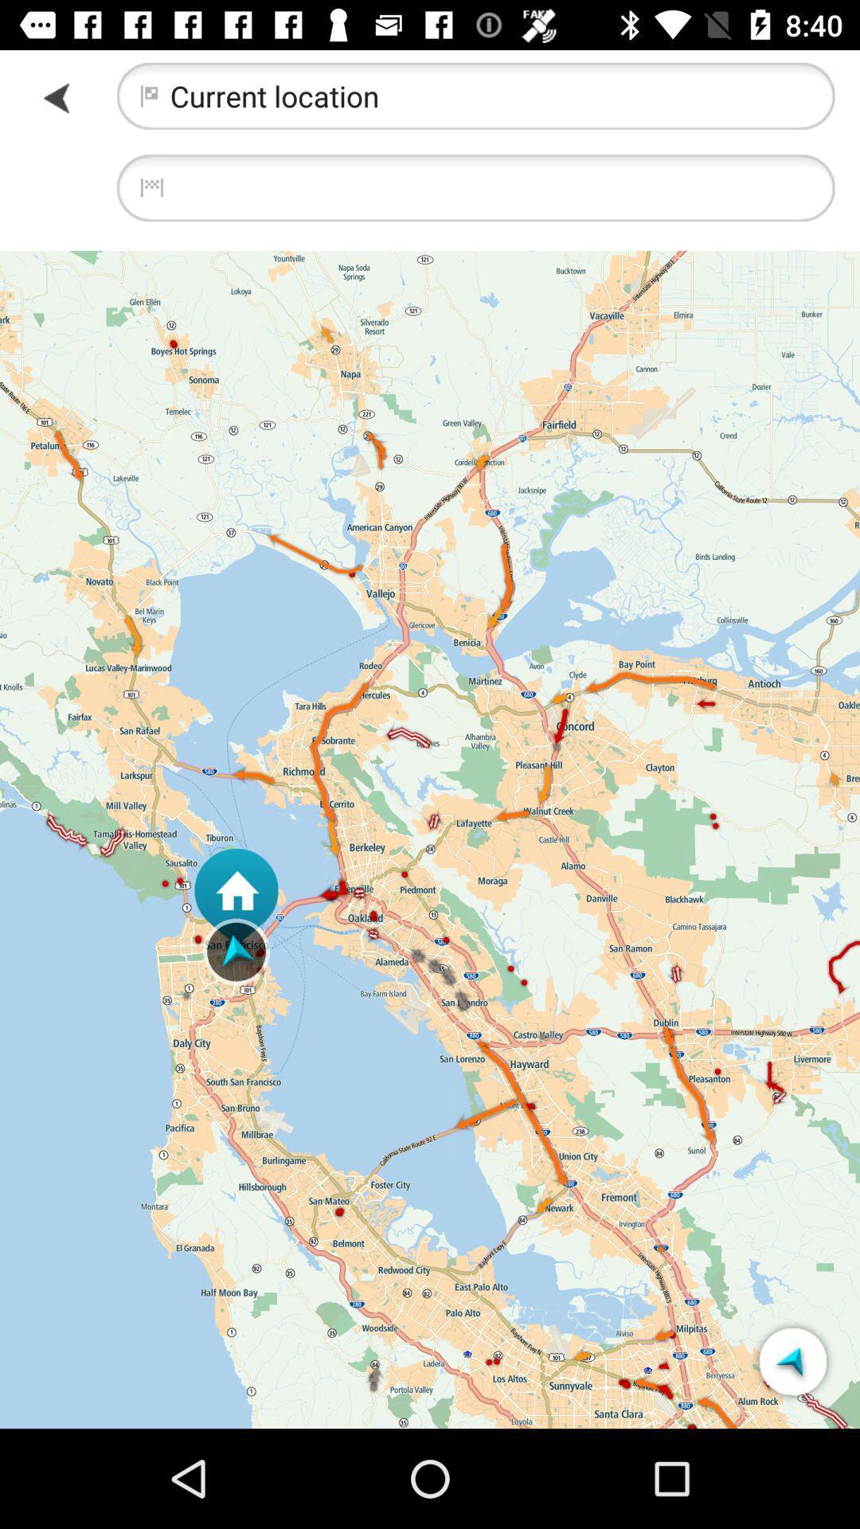 The height and width of the screenshot is (1529, 860). Describe the element at coordinates (475, 95) in the screenshot. I see `current location icon` at that location.